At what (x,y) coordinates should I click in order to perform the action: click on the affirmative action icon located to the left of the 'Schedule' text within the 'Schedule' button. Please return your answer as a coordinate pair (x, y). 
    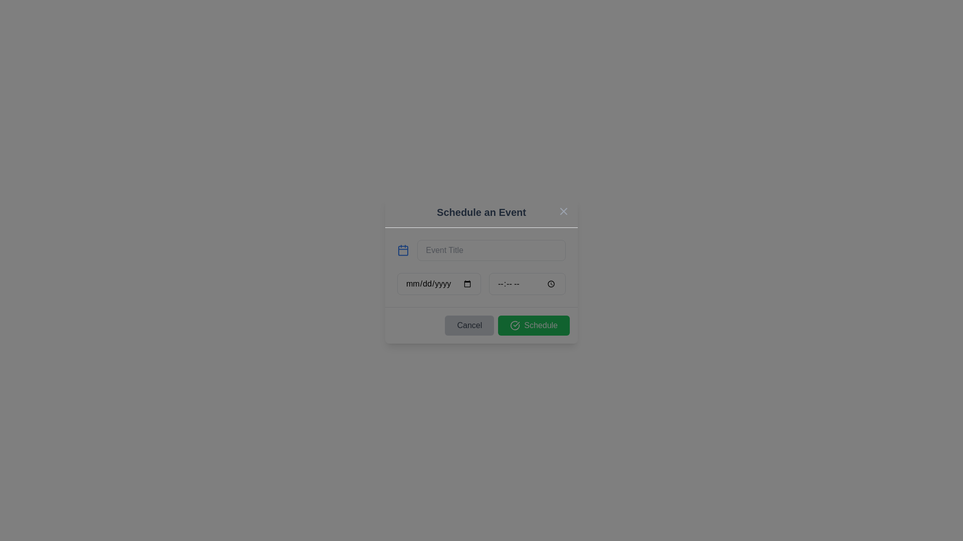
    Looking at the image, I should click on (515, 326).